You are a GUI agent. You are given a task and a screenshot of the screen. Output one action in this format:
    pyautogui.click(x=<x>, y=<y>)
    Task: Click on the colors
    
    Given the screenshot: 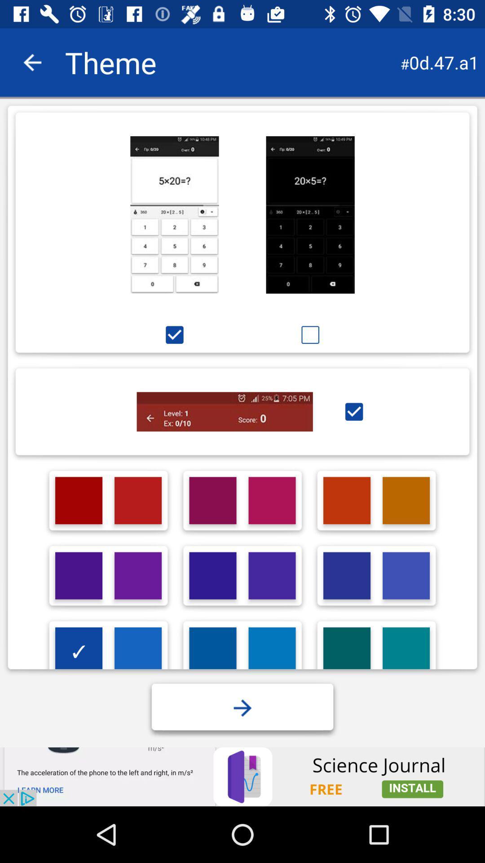 What is the action you would take?
    pyautogui.click(x=346, y=651)
    